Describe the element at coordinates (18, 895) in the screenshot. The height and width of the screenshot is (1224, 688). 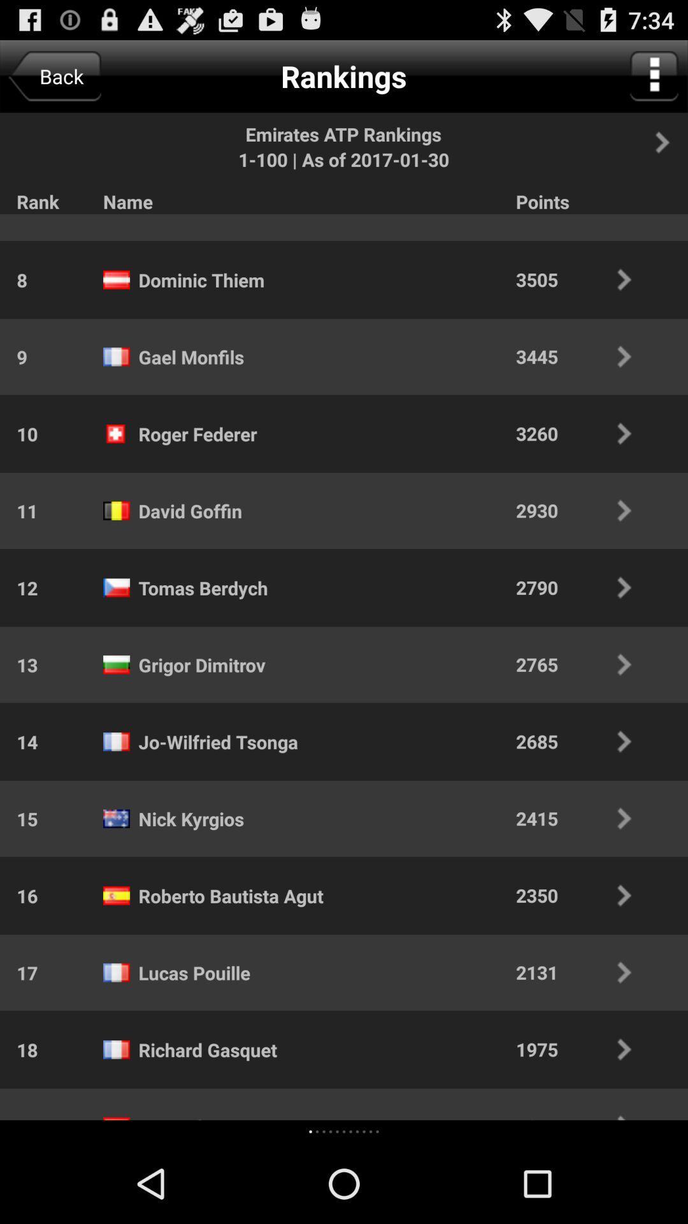
I see `the item above 17 item` at that location.